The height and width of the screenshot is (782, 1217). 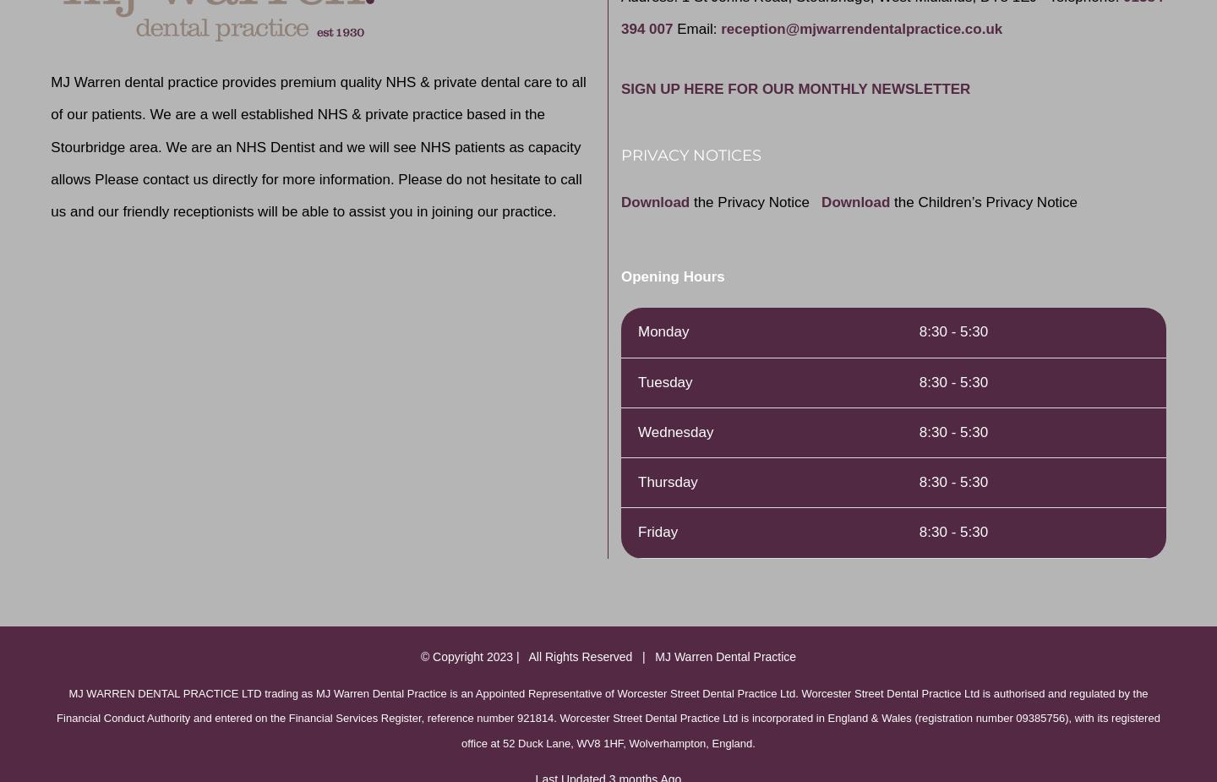 I want to click on 'Wednesday', so click(x=675, y=431).